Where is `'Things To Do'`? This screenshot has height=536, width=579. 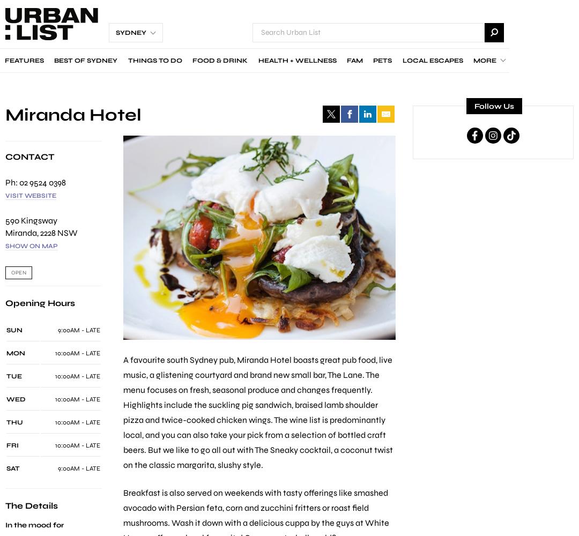
'Things To Do' is located at coordinates (127, 60).